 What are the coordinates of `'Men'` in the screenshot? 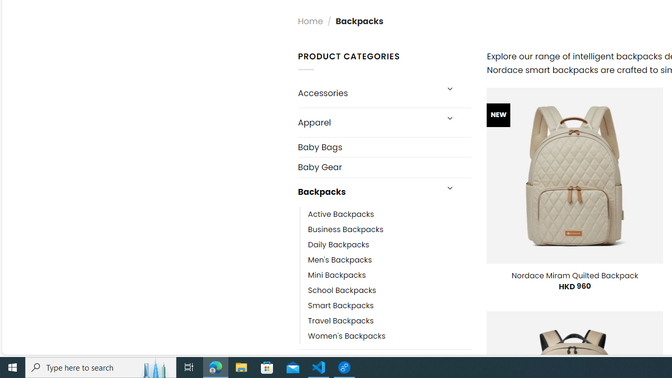 It's located at (340, 260).